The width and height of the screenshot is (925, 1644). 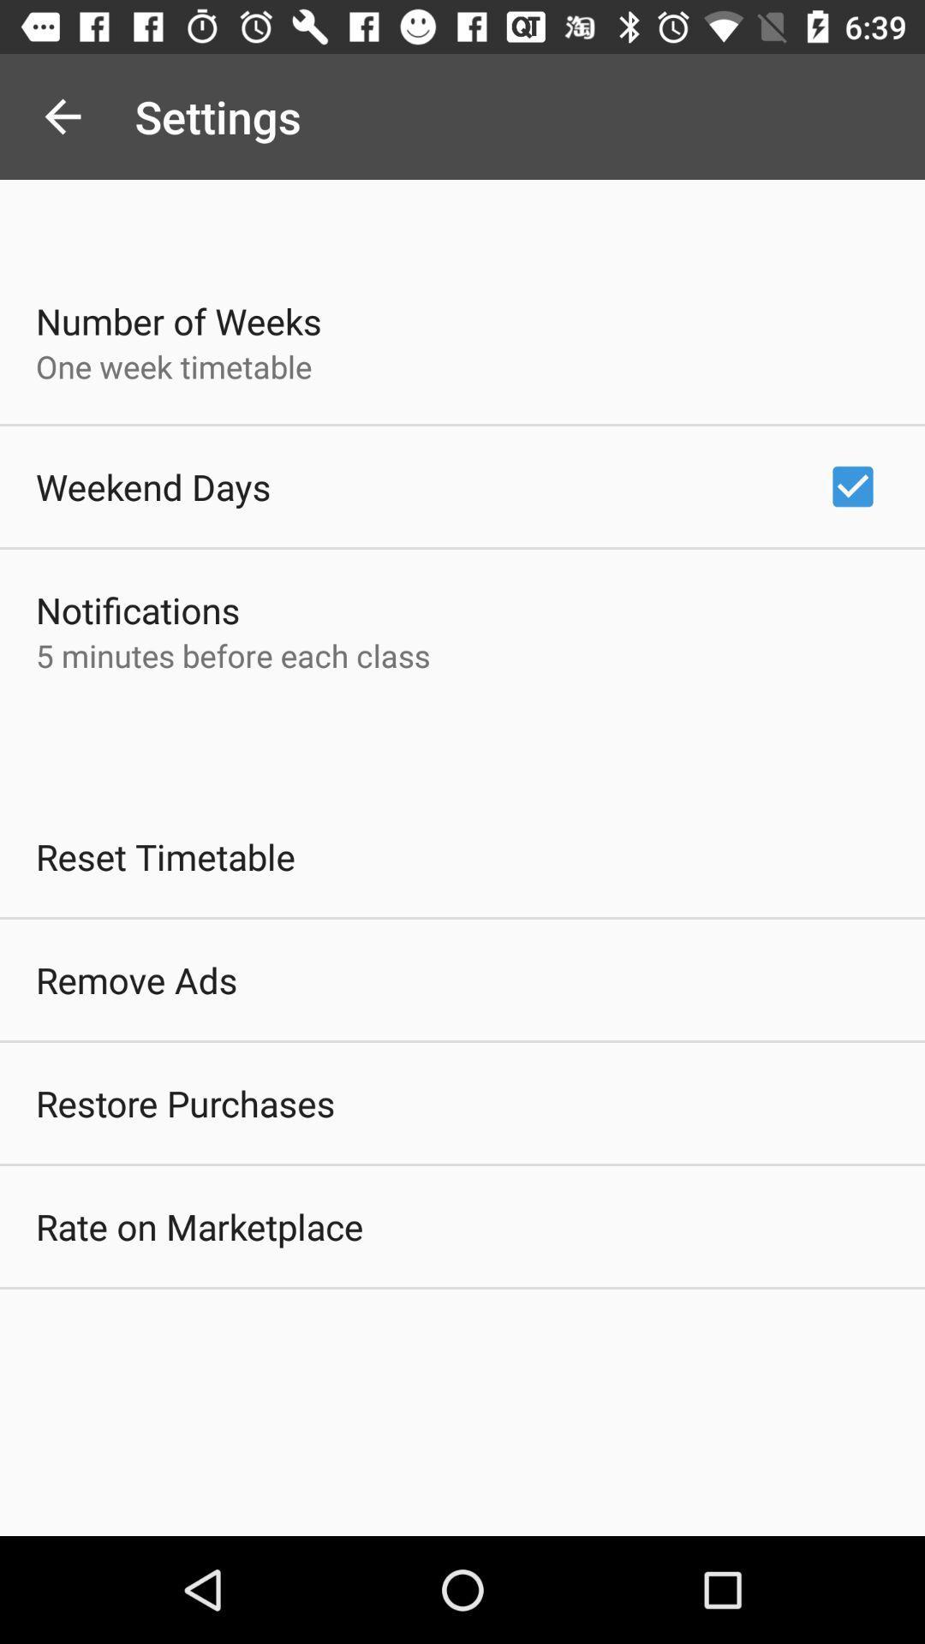 I want to click on item below reset timetable item, so click(x=135, y=980).